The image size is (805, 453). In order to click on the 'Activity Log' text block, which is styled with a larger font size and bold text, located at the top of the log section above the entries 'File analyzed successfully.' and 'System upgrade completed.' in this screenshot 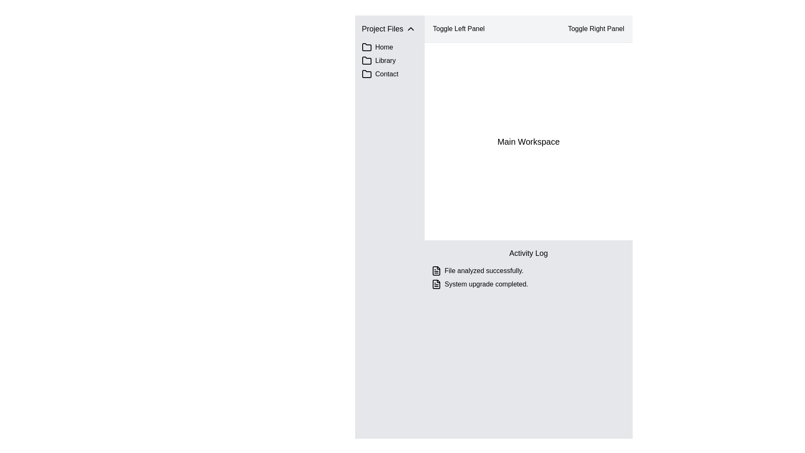, I will do `click(528, 253)`.